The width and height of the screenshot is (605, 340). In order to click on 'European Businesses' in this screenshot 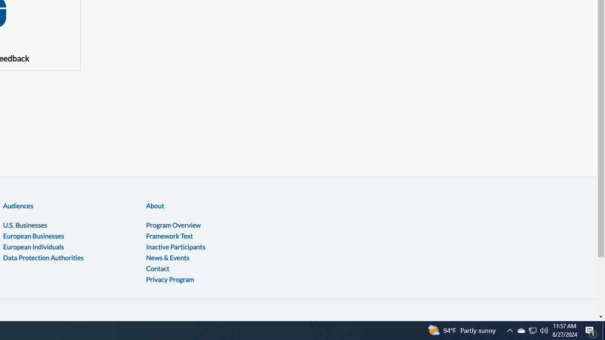, I will do `click(34, 235)`.